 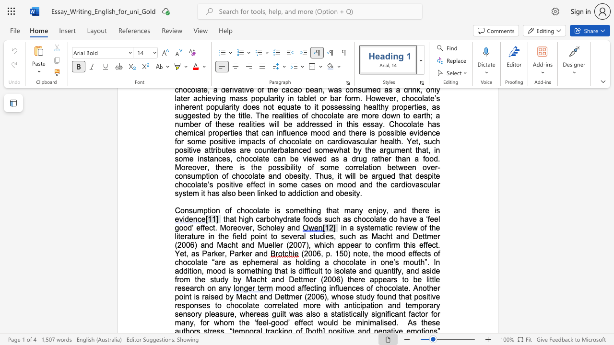 I want to click on the subset text "s a" within the text "guilt was also a statistically significant factor for many, for whom the ‘feel-good’ effect would be minimalised", so click(x=298, y=314).